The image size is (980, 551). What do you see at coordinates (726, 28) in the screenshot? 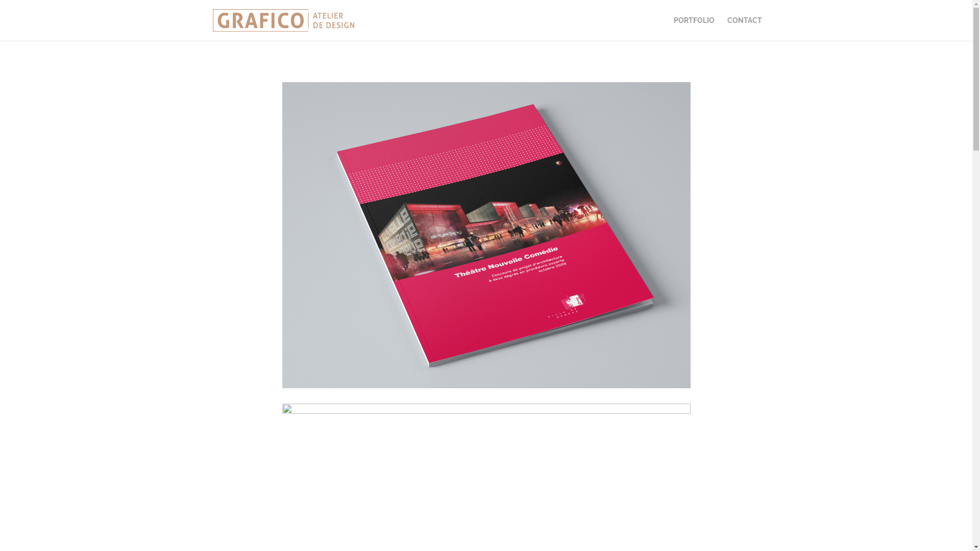
I see `'CONTACT'` at bounding box center [726, 28].